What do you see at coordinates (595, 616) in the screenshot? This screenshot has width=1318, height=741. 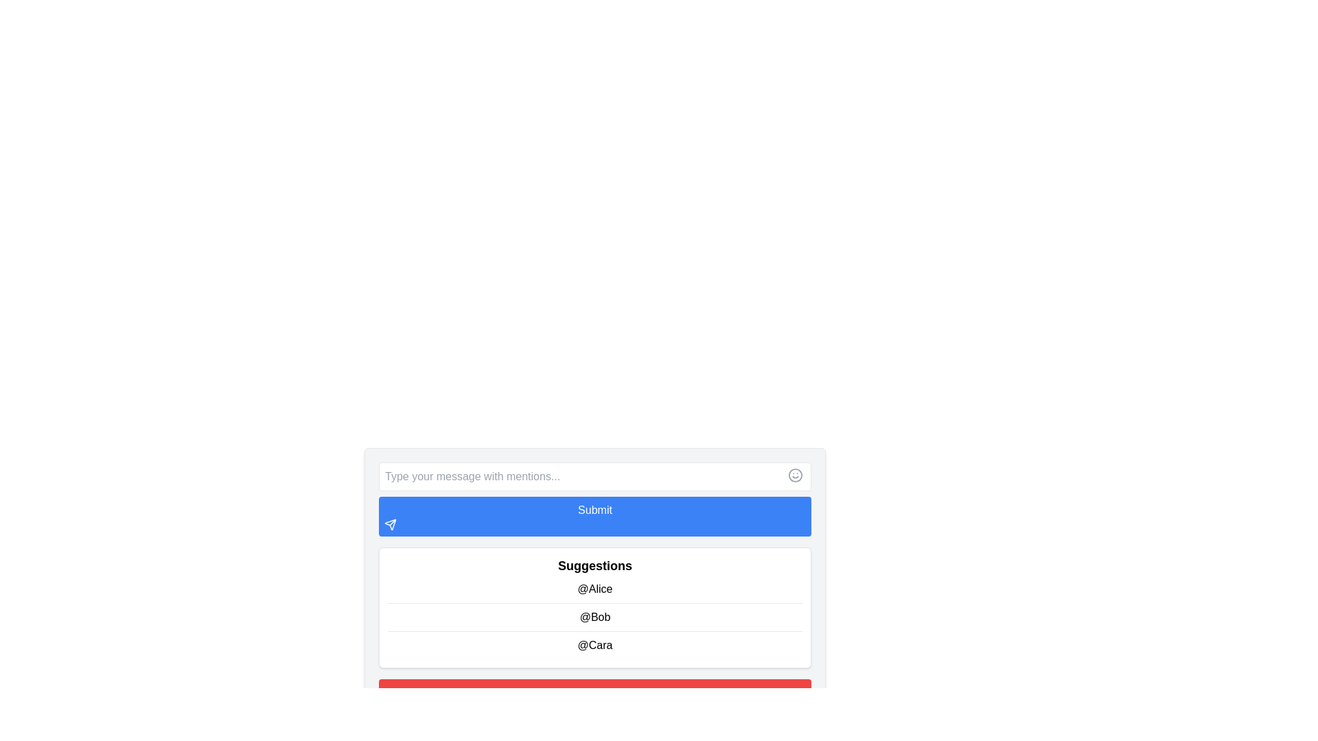 I see `the second entry in the suggestions list, which follows '@Alice' and precedes '@Cara'` at bounding box center [595, 616].